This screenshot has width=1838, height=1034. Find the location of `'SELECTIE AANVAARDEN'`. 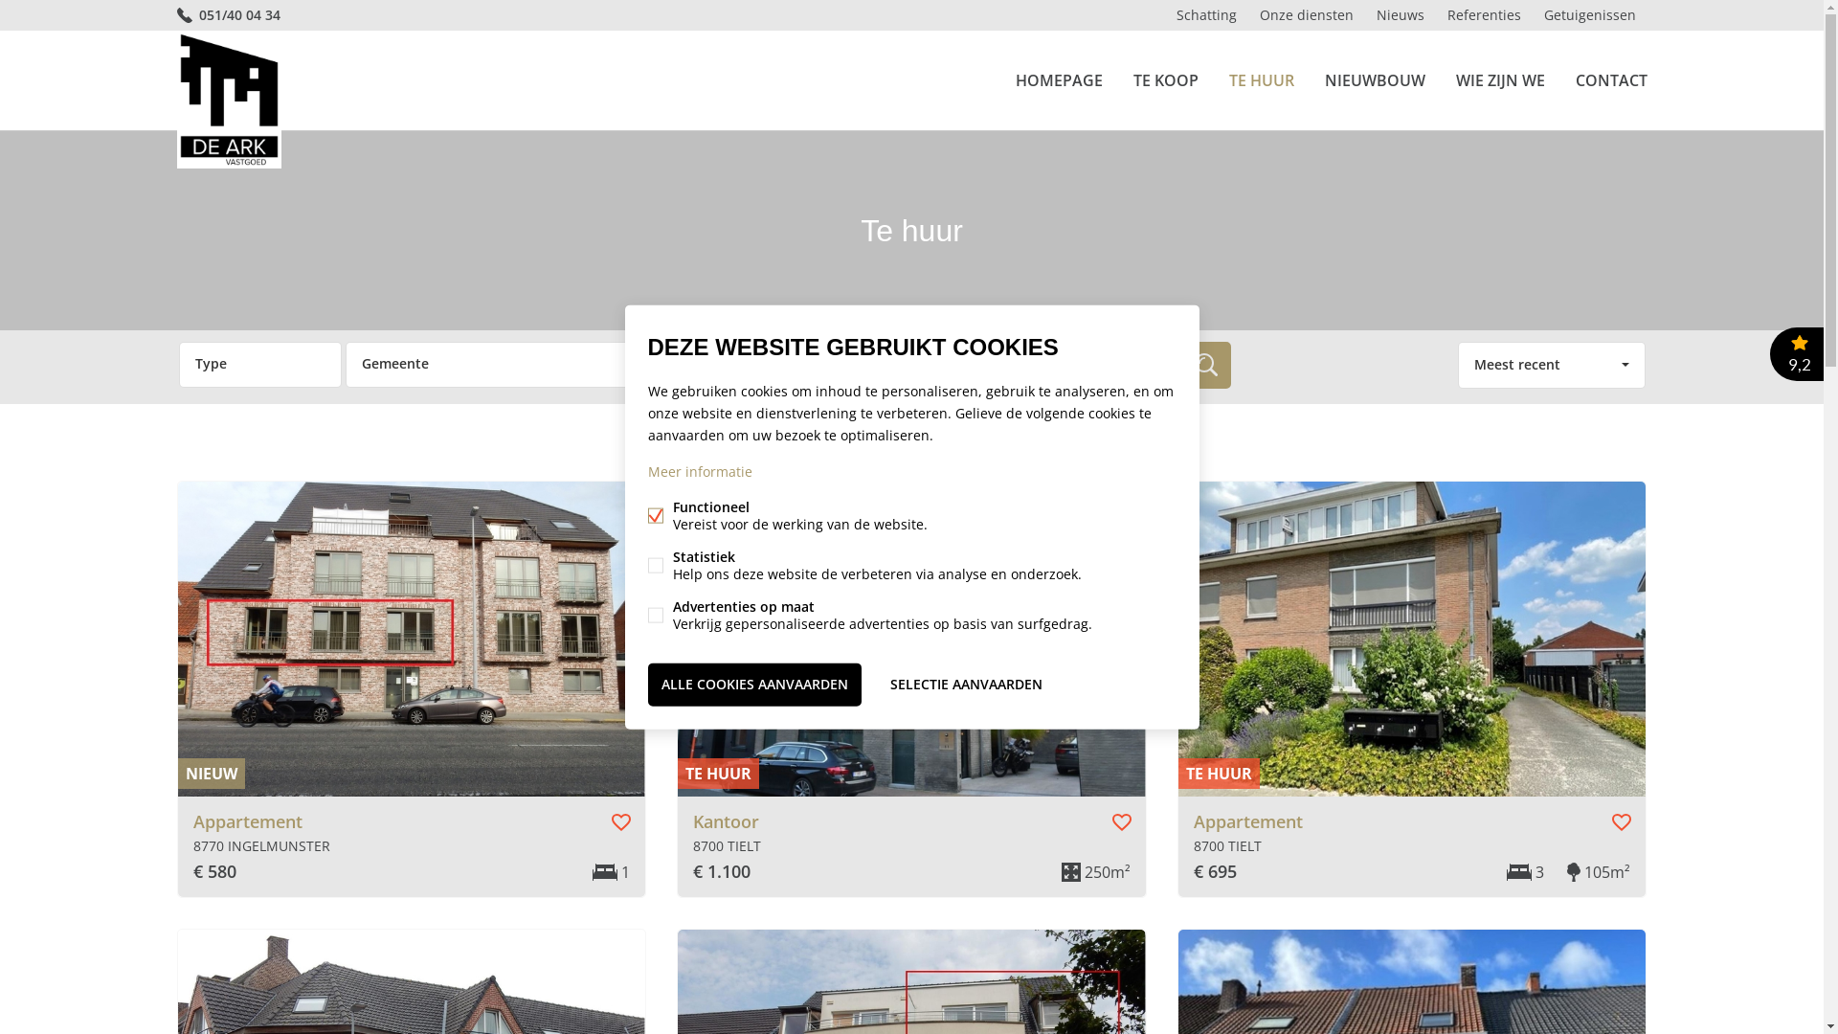

'SELECTIE AANVAARDEN' is located at coordinates (966, 684).